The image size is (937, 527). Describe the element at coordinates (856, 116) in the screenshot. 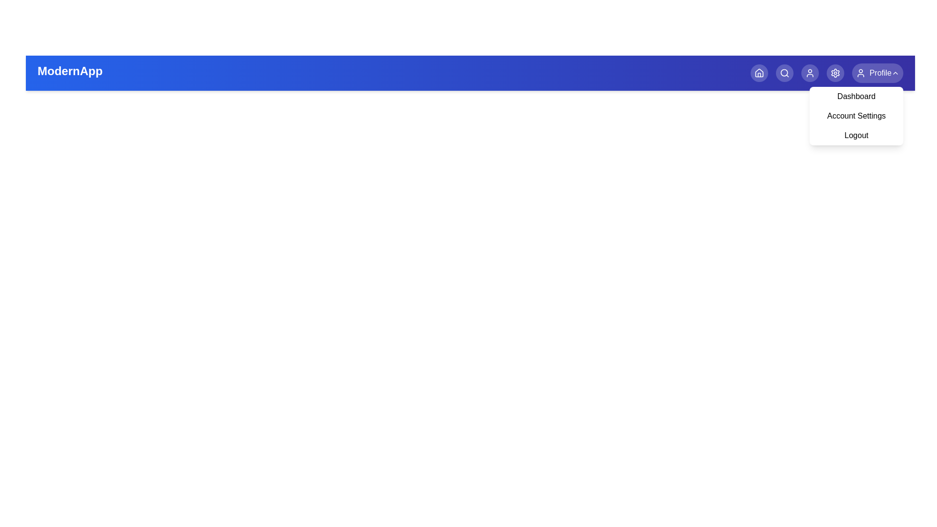

I see `the 'Account Settings' option from the Profile menu` at that location.